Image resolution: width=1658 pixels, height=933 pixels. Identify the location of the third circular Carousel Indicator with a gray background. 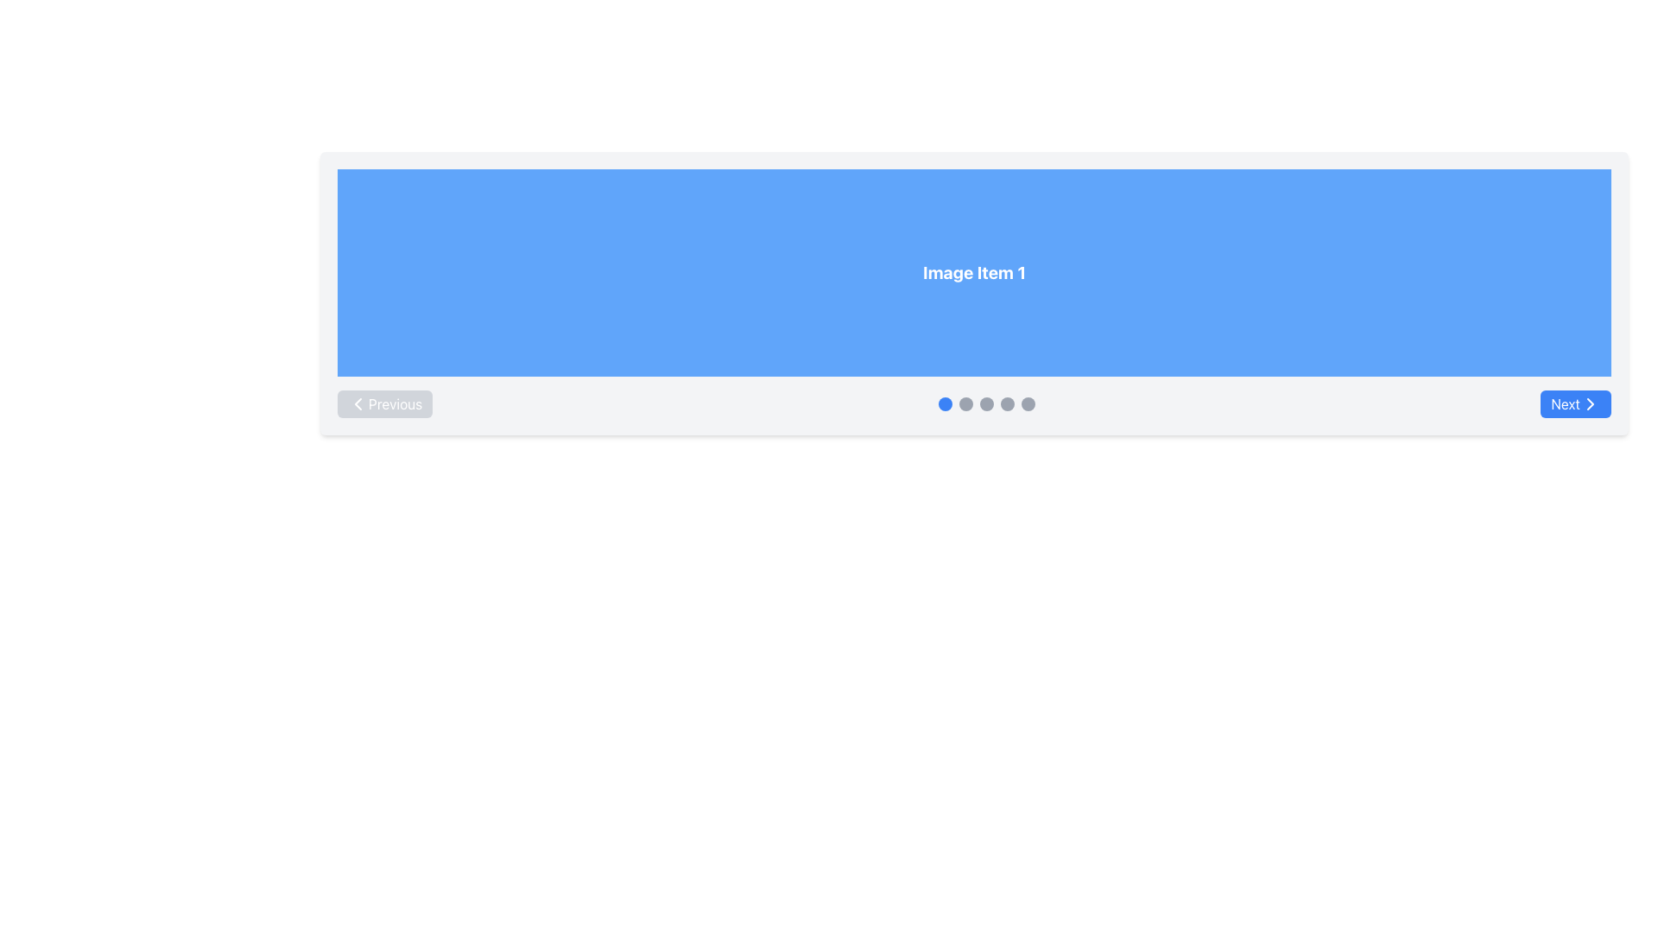
(986, 403).